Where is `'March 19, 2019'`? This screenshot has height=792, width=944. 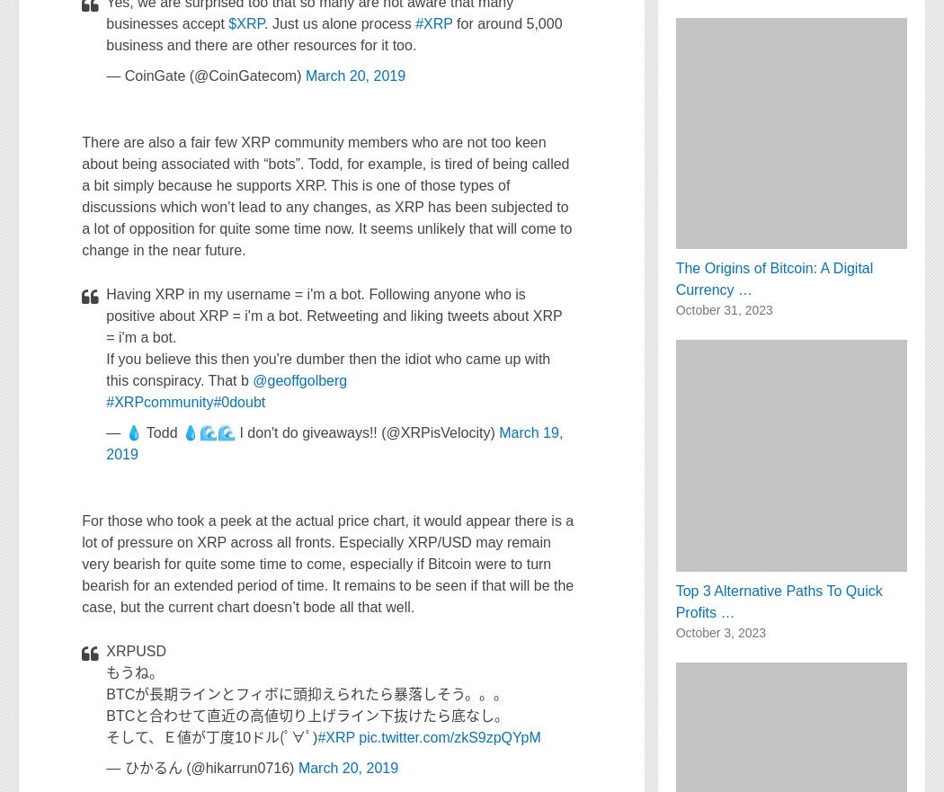
'March 19, 2019' is located at coordinates (334, 442).